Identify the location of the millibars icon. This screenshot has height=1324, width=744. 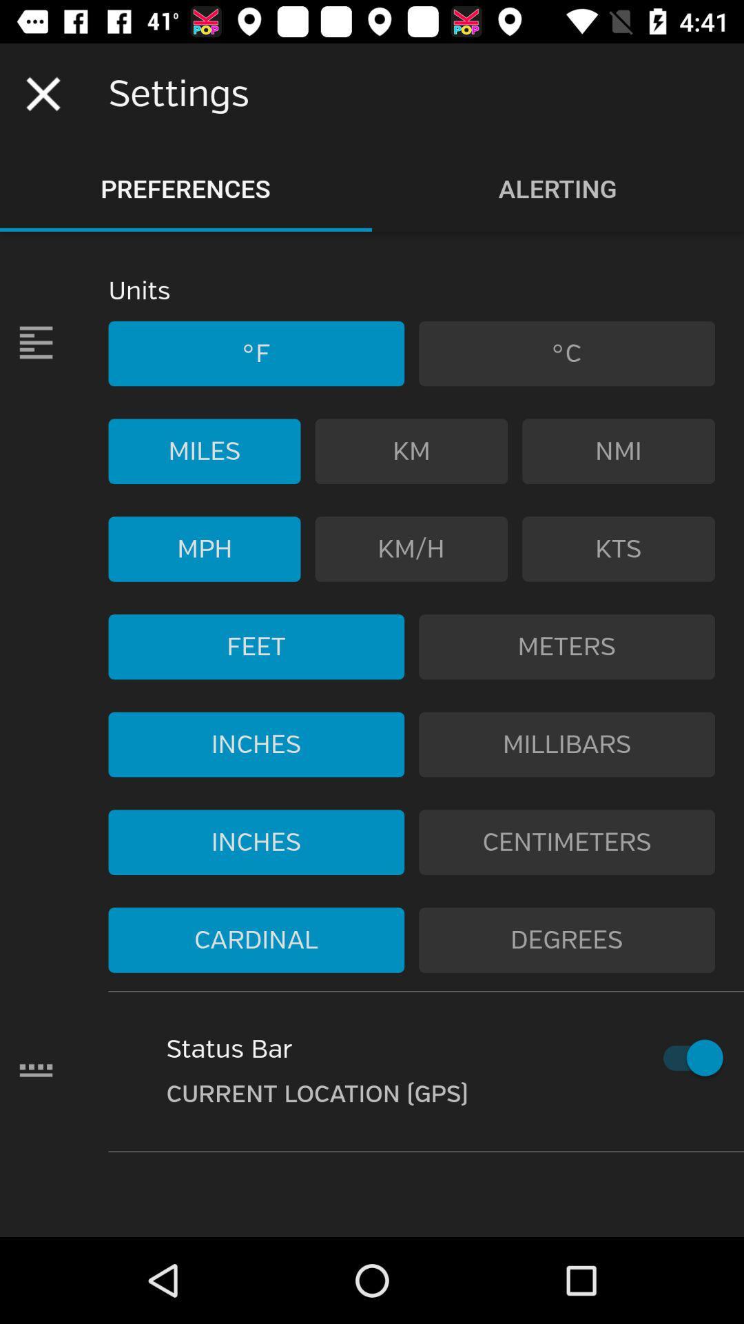
(567, 744).